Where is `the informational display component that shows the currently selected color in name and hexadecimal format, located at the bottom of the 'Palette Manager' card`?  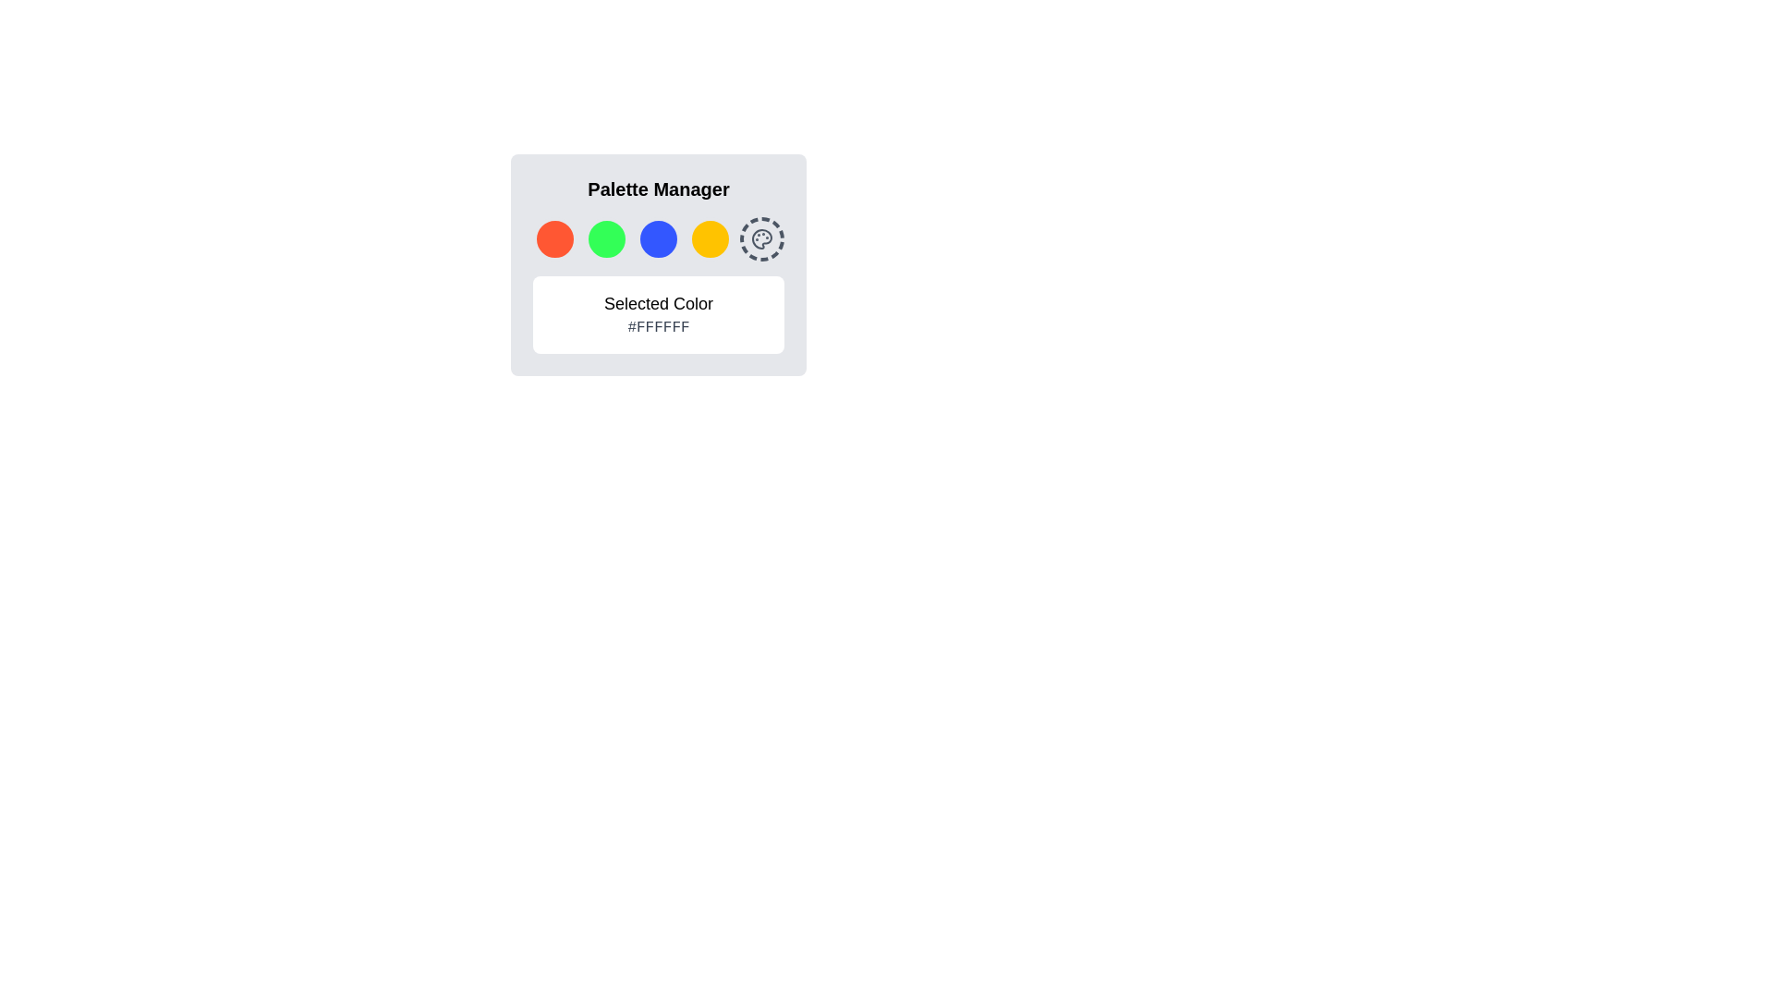 the informational display component that shows the currently selected color in name and hexadecimal format, located at the bottom of the 'Palette Manager' card is located at coordinates (659, 313).